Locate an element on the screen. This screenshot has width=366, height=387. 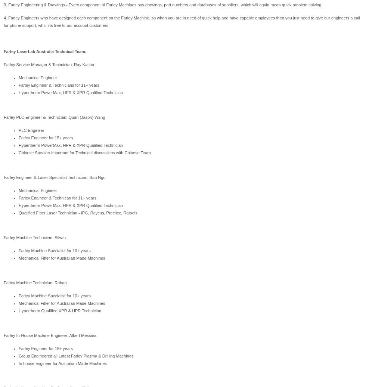
'Farley Engineer & Technicians for 11+ years' is located at coordinates (59, 85).